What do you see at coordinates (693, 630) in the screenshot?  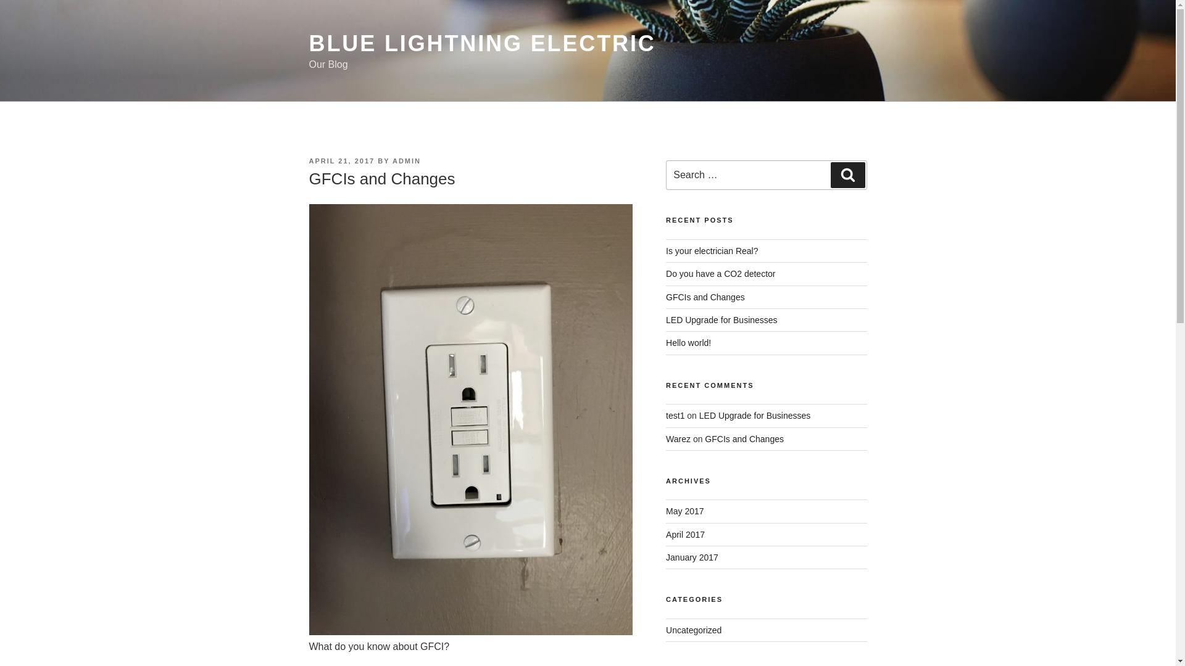 I see `'Uncategorized'` at bounding box center [693, 630].